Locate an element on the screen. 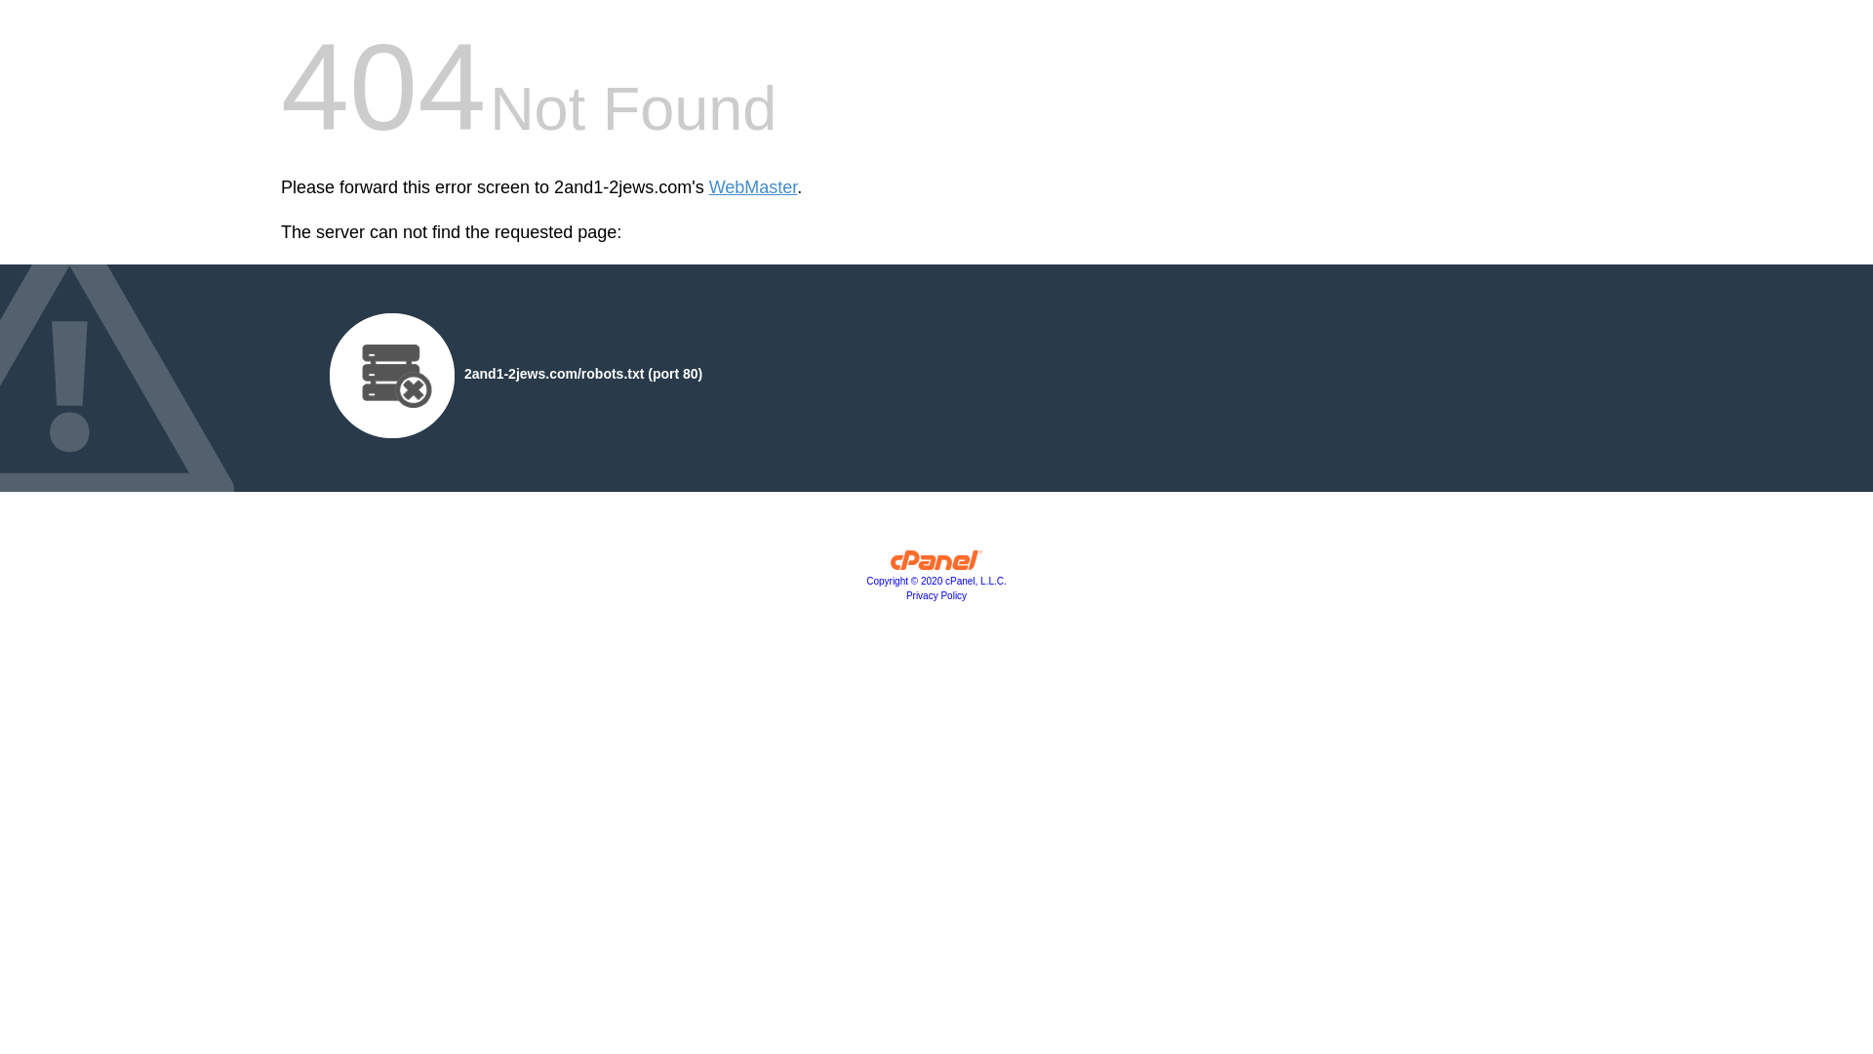 This screenshot has width=1873, height=1054. 'Privacy Policy' is located at coordinates (936, 594).